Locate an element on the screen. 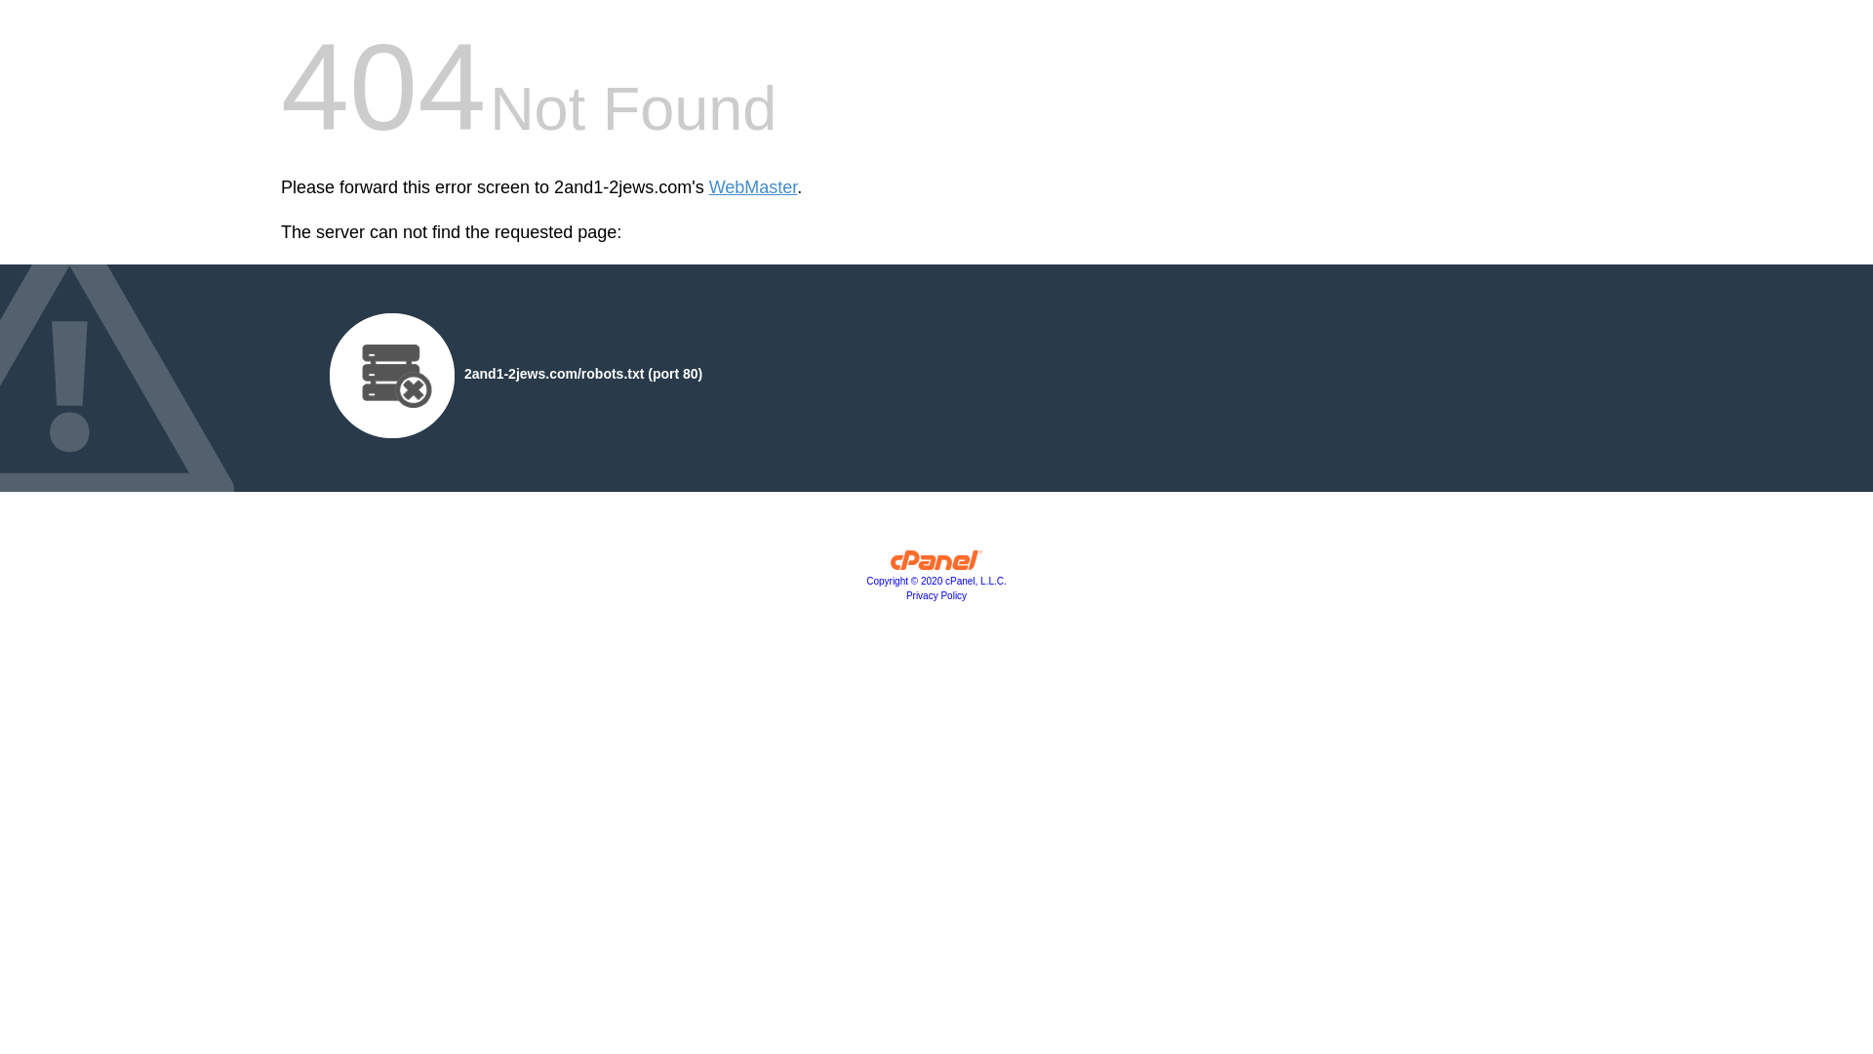 This screenshot has width=1873, height=1054. 'Privacy Policy' is located at coordinates (936, 594).